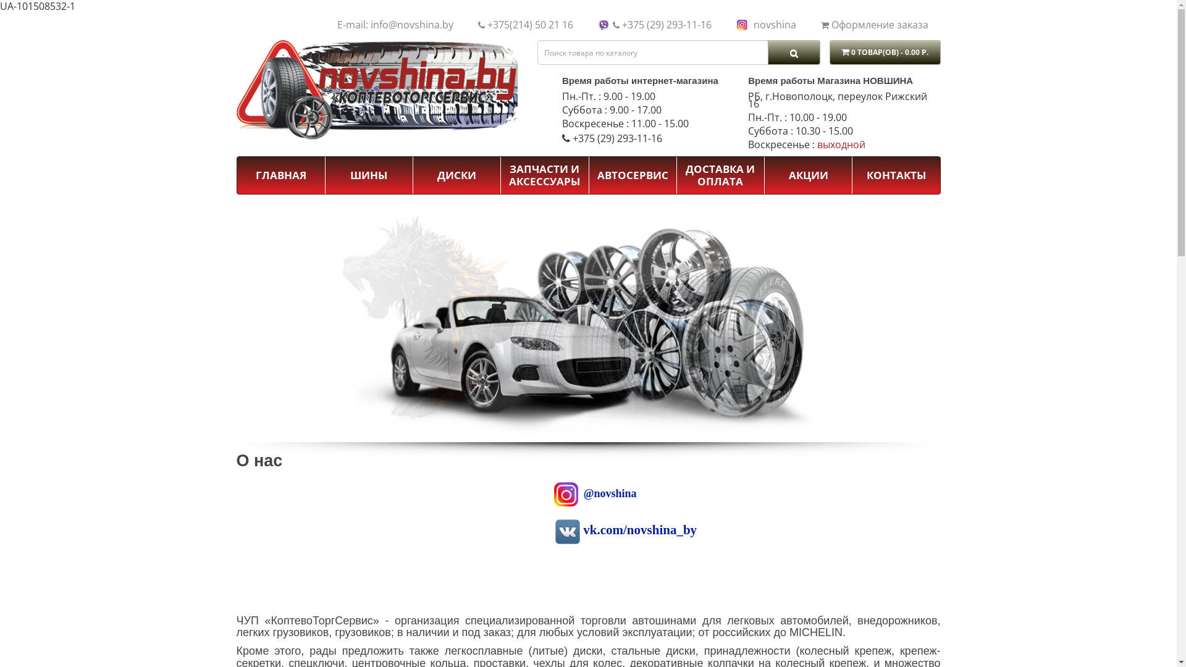 The image size is (1186, 667). I want to click on '+375(214) 50 21 16', so click(529, 24).